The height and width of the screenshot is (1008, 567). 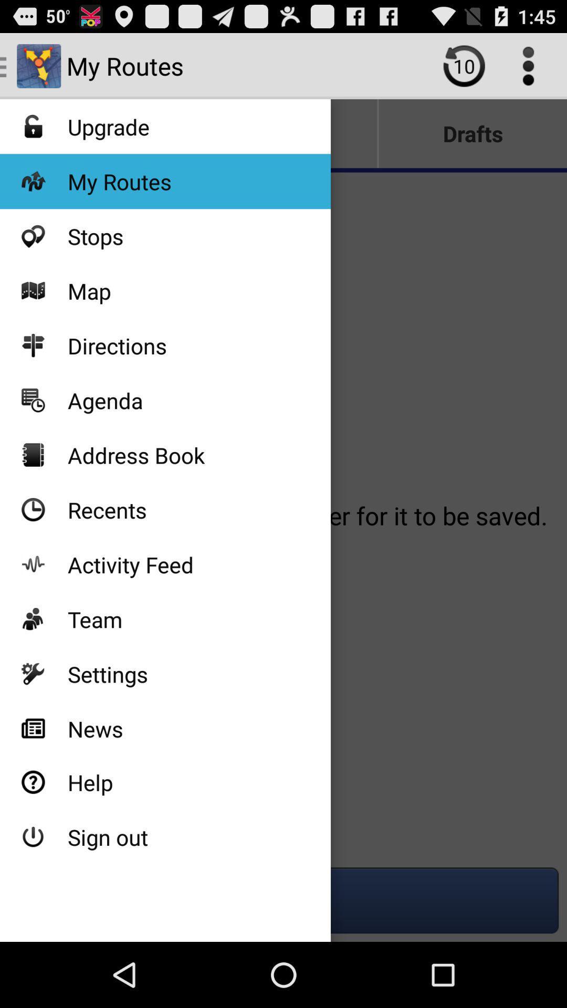 I want to click on the text which is in the retry button, so click(x=463, y=65).